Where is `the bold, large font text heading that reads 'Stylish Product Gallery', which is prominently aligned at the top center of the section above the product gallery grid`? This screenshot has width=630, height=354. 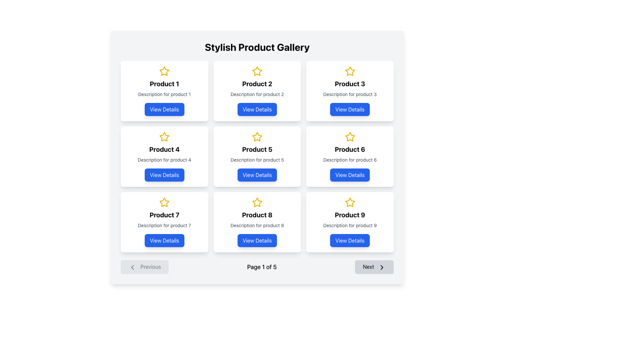 the bold, large font text heading that reads 'Stylish Product Gallery', which is prominently aligned at the top center of the section above the product gallery grid is located at coordinates (257, 47).